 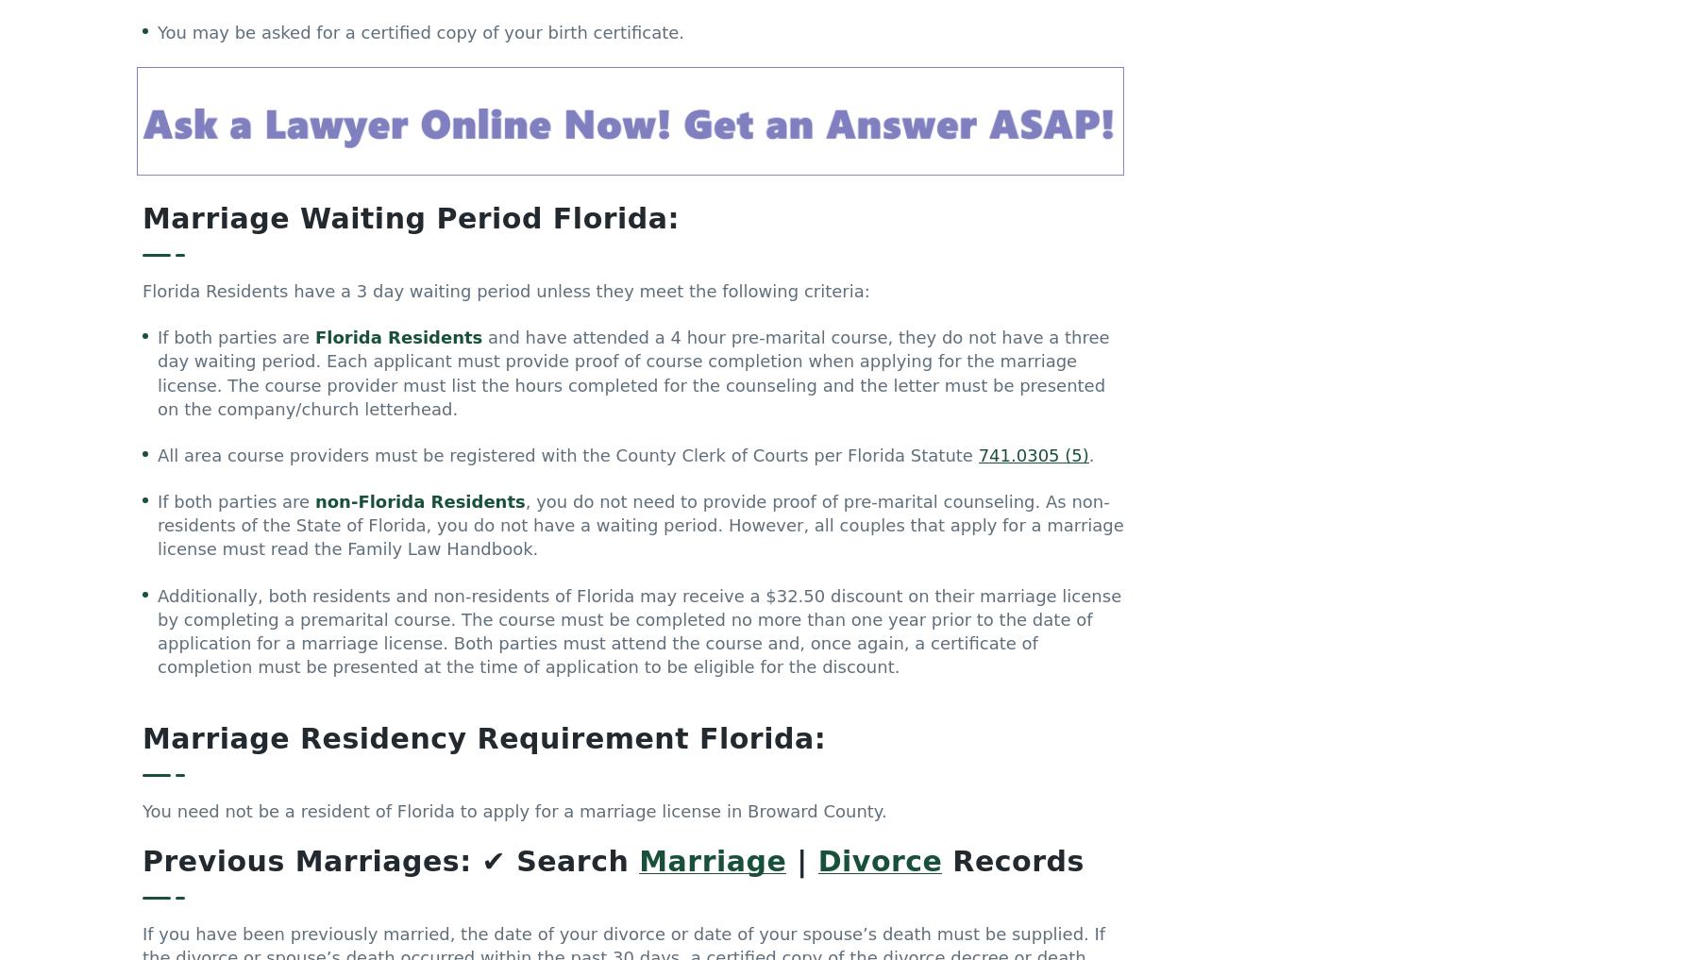 What do you see at coordinates (513, 817) in the screenshot?
I see `'You need not be a resident of Florida to apply for a marriage license in Broward County.'` at bounding box center [513, 817].